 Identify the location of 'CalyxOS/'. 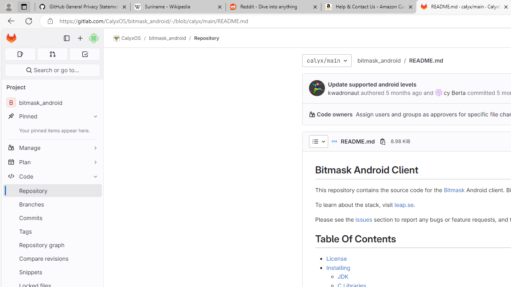
(131, 38).